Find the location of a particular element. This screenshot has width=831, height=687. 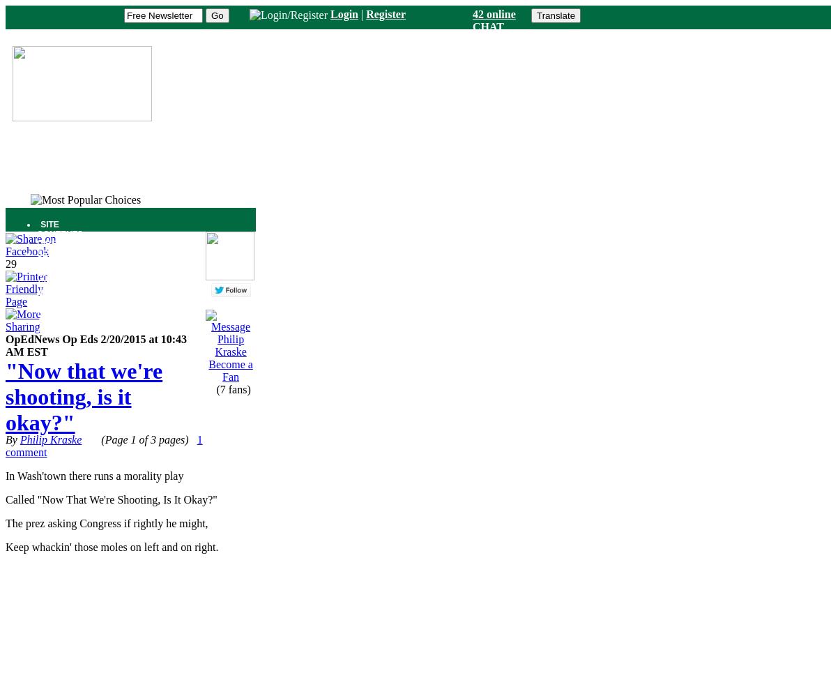

'Ad Rates' is located at coordinates (49, 306).